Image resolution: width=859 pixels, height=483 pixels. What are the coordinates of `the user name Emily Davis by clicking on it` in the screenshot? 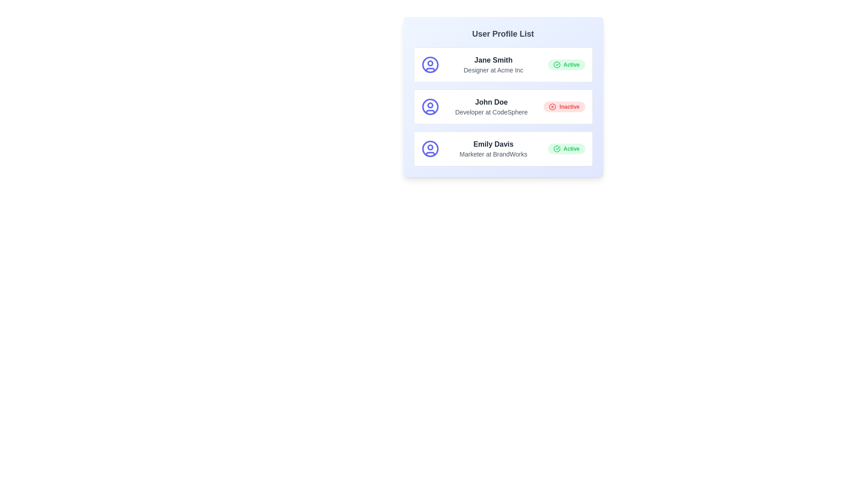 It's located at (493, 144).